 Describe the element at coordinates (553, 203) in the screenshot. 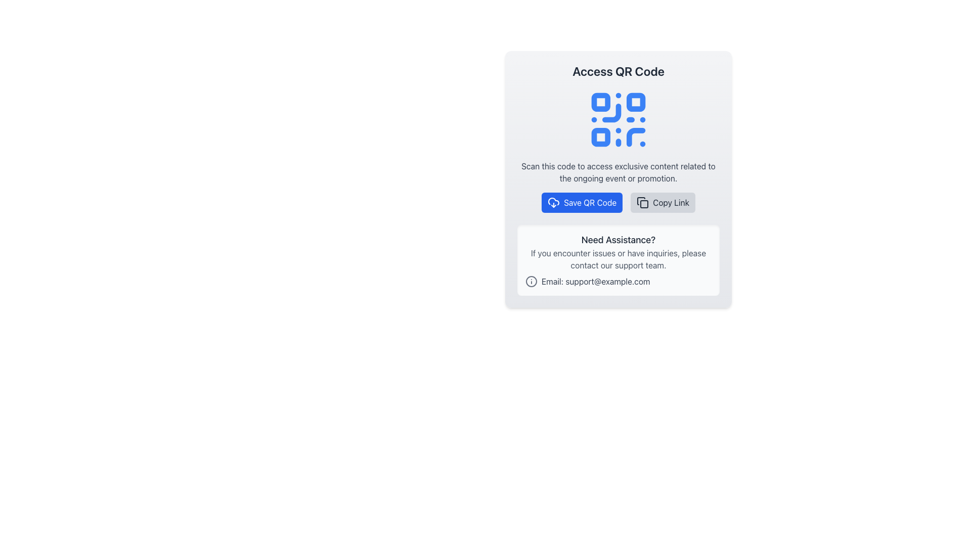

I see `the downward arrow cloud icon located to the left of the text in the blue 'Save QR Code' button, indicating a download action` at that location.